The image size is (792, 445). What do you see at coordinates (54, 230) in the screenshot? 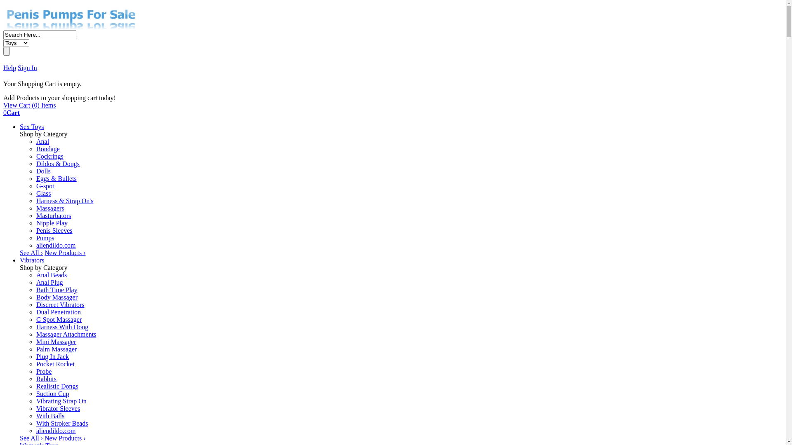
I see `'Penis Sleeves'` at bounding box center [54, 230].